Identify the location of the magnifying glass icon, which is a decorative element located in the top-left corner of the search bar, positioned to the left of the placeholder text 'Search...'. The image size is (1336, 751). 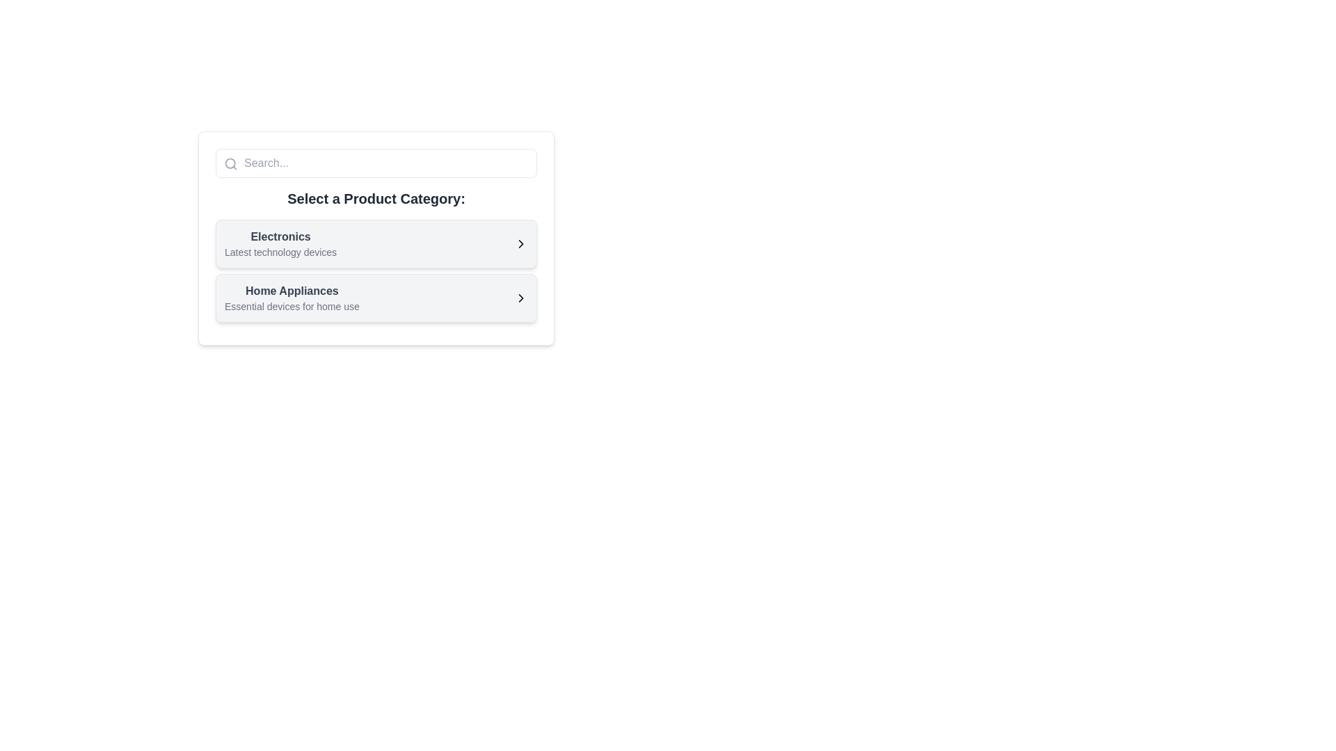
(230, 163).